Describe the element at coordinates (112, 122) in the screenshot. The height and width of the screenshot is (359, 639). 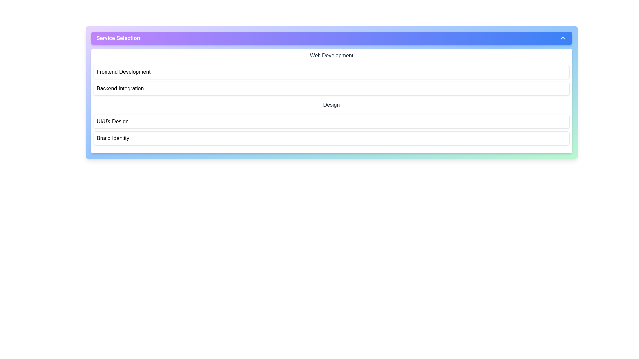
I see `the label 'UI/UX Design' which is the third option in a vertical list of services within a modal` at that location.